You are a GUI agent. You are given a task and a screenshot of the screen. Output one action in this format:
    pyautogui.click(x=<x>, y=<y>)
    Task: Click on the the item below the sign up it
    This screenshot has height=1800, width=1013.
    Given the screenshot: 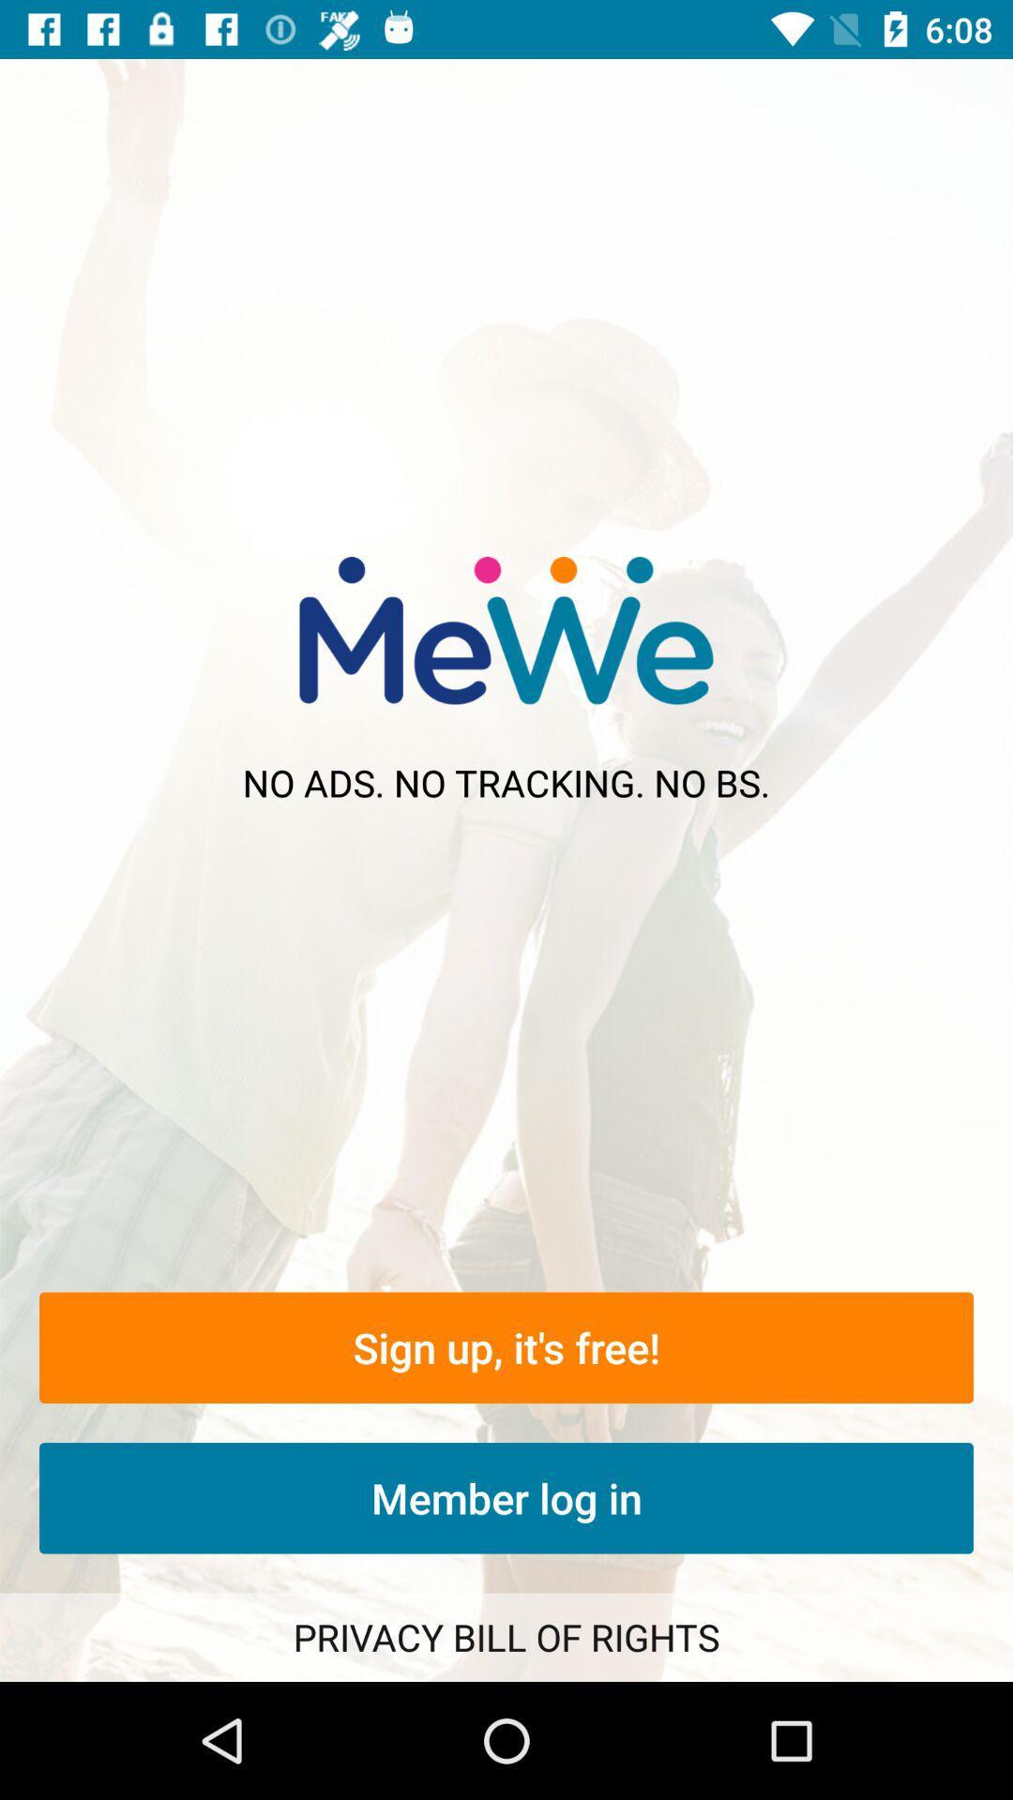 What is the action you would take?
    pyautogui.click(x=506, y=1497)
    